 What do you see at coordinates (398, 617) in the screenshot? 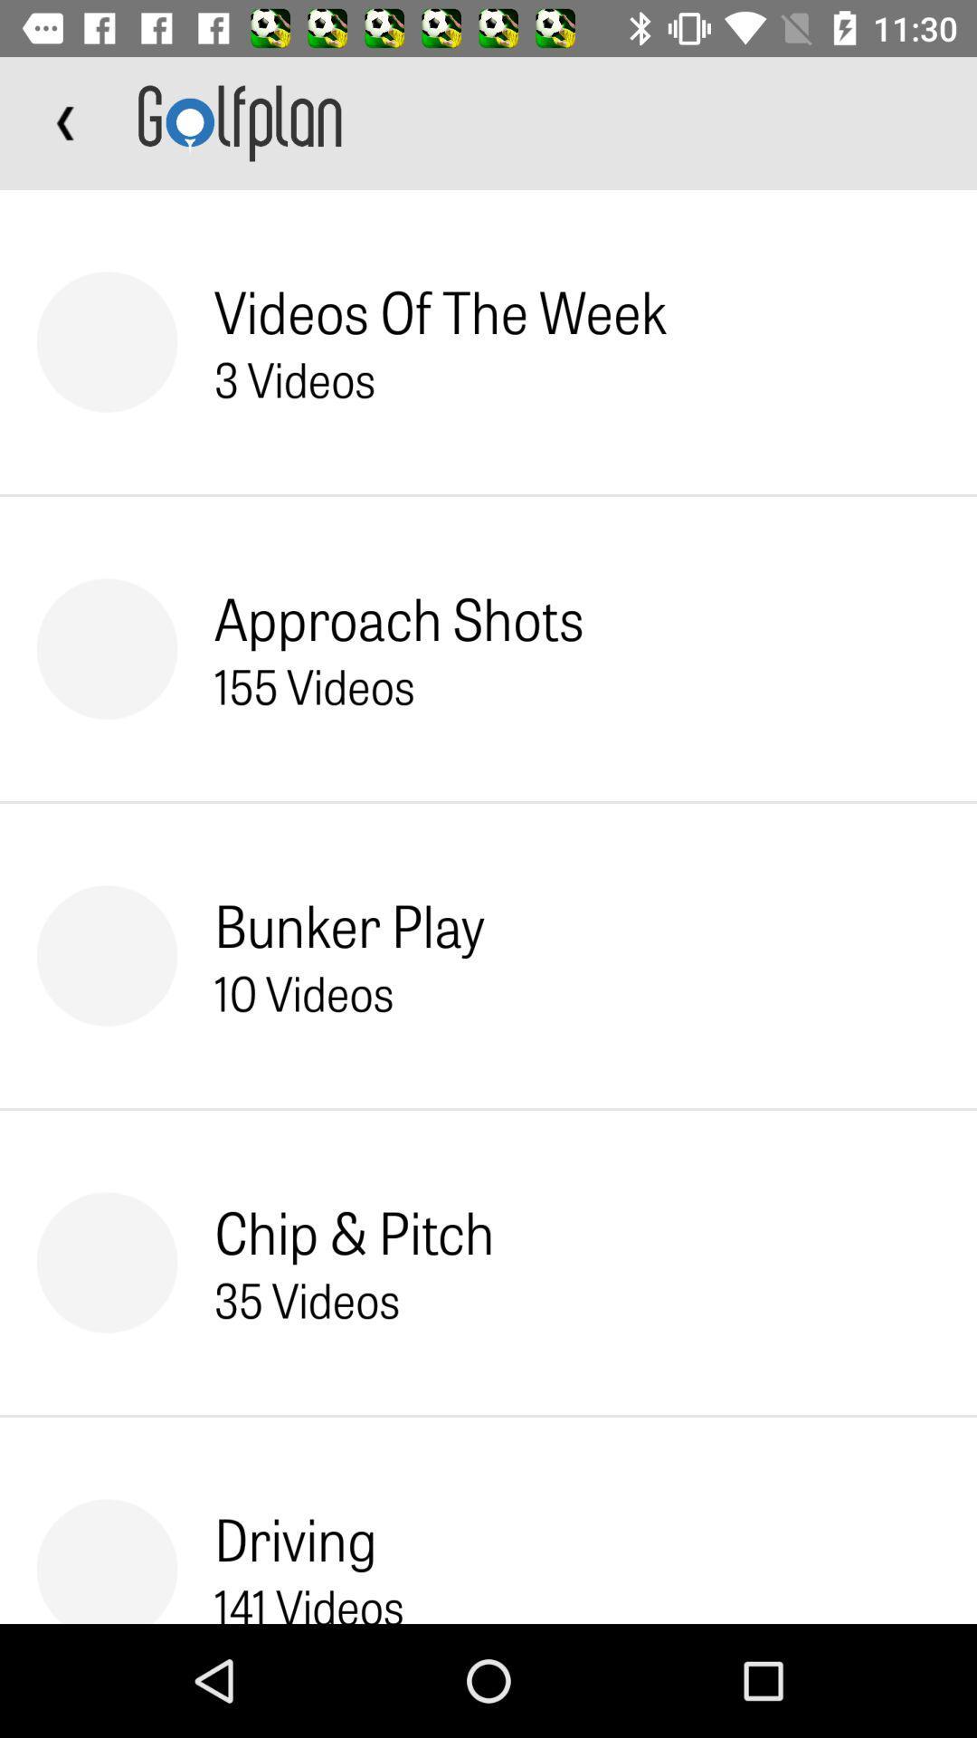
I see `the item below 3 videos` at bounding box center [398, 617].